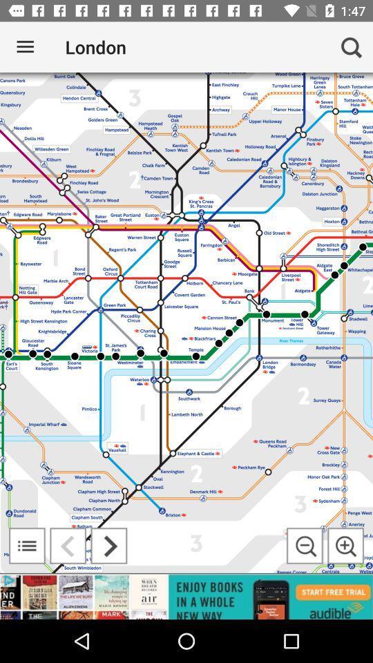 This screenshot has width=373, height=663. What do you see at coordinates (67, 546) in the screenshot?
I see `previous page` at bounding box center [67, 546].